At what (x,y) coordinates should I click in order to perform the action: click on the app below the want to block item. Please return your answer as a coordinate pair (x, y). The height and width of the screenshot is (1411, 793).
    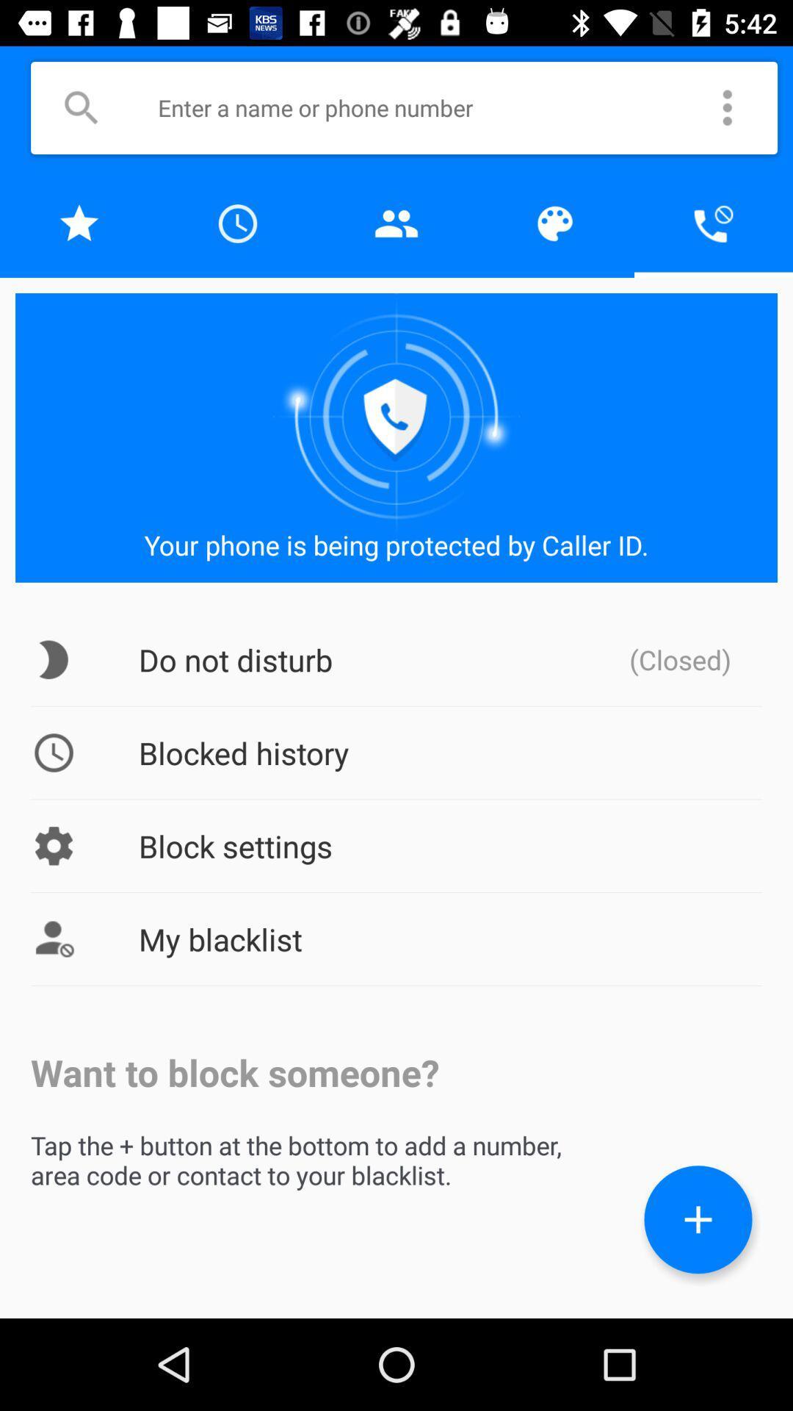
    Looking at the image, I should click on (698, 1219).